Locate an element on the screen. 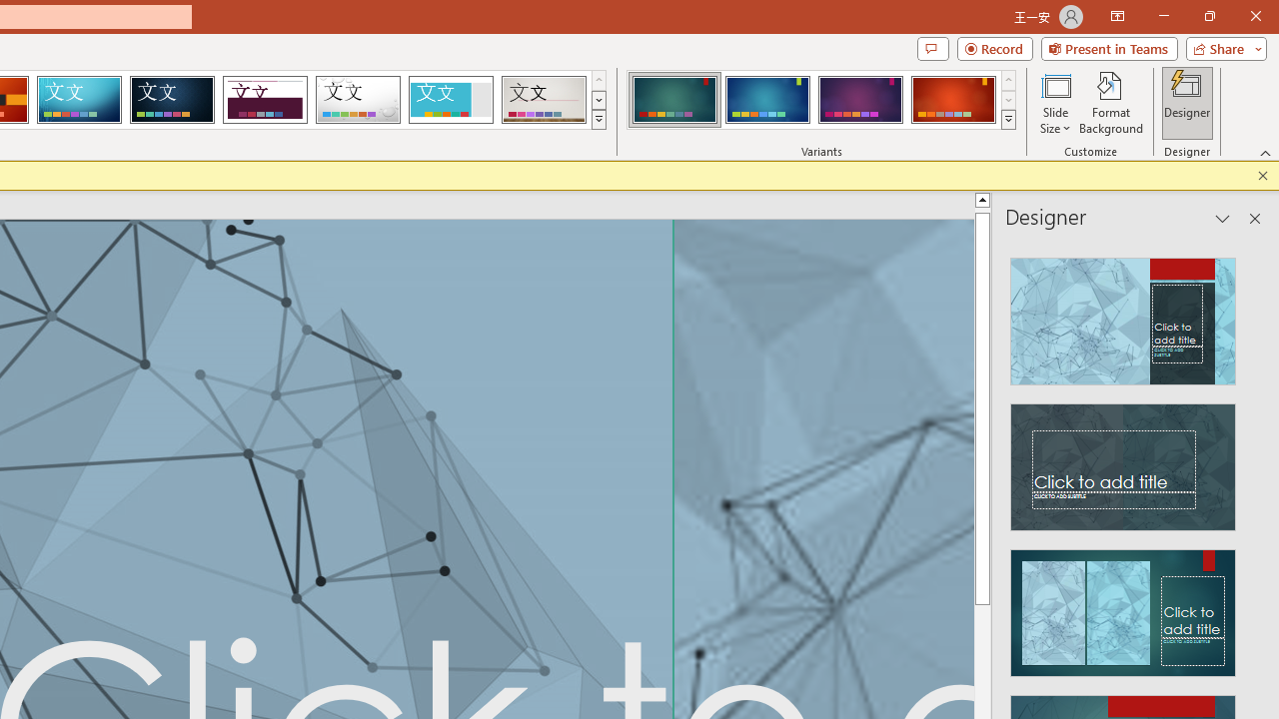 The image size is (1279, 719). 'Row Down' is located at coordinates (1008, 100).